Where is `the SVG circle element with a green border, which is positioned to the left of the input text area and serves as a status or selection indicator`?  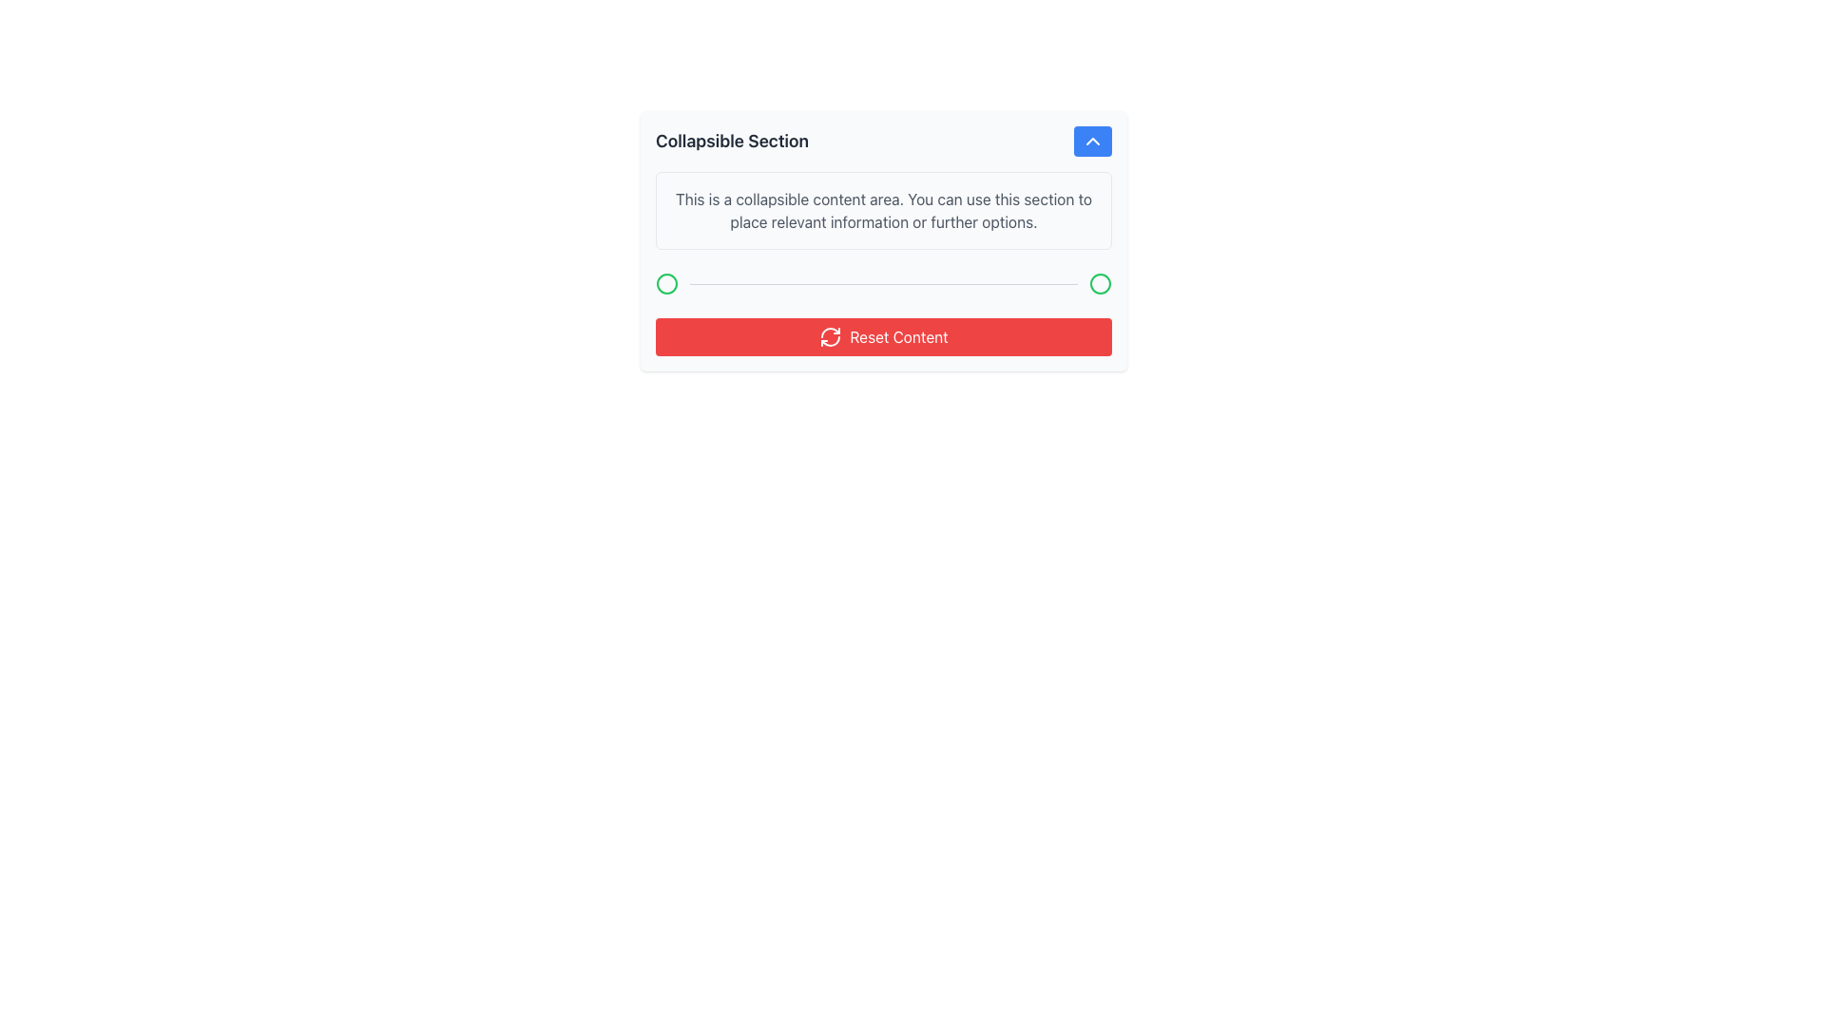 the SVG circle element with a green border, which is positioned to the left of the input text area and serves as a status or selection indicator is located at coordinates (1100, 284).